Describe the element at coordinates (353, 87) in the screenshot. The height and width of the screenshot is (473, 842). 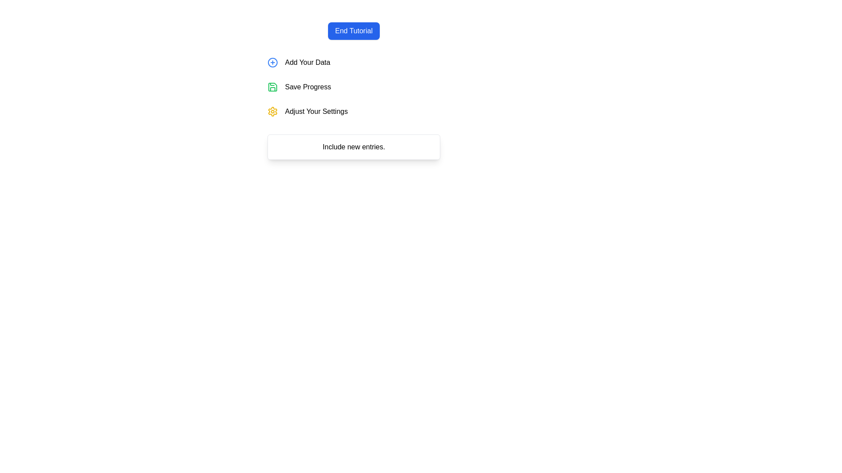
I see `the 'Add Your Data' option in the vertical list group` at that location.